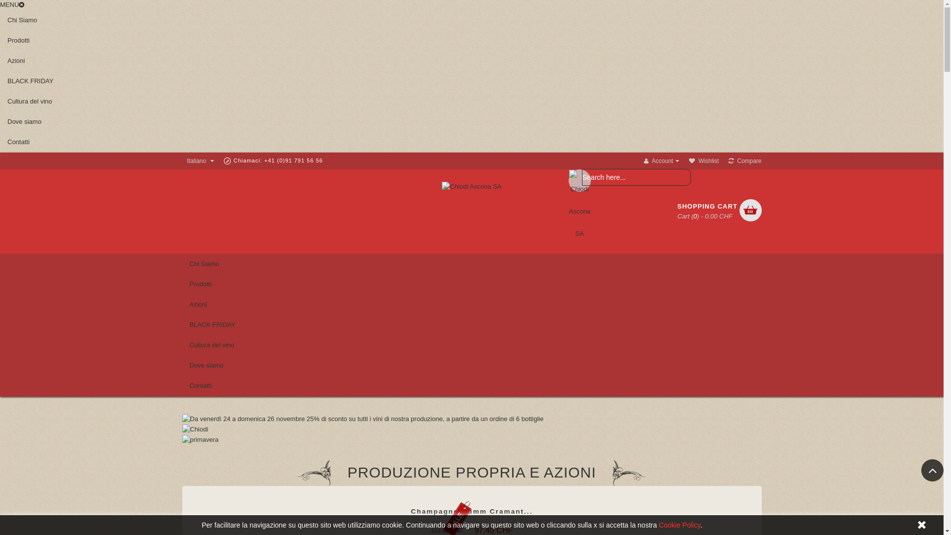 This screenshot has height=535, width=951. What do you see at coordinates (182, 160) in the screenshot?
I see `'Italiano'` at bounding box center [182, 160].